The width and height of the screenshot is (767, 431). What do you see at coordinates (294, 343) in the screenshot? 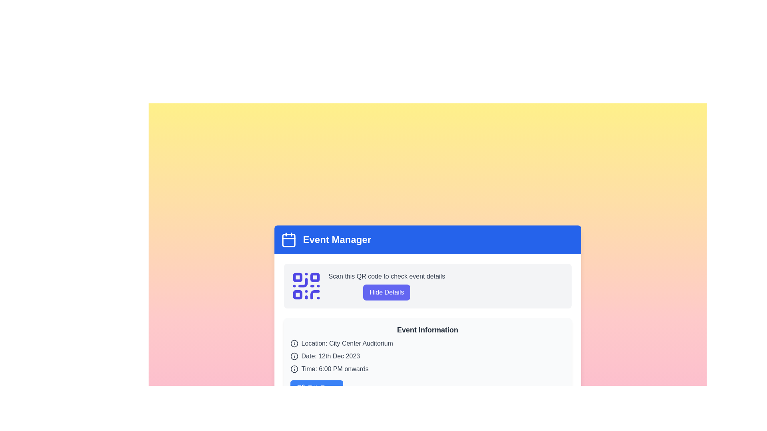
I see `the informational icon located in the 'Location' section of the Event Information box, immediately to the left of the text 'City Center Auditorium'` at bounding box center [294, 343].